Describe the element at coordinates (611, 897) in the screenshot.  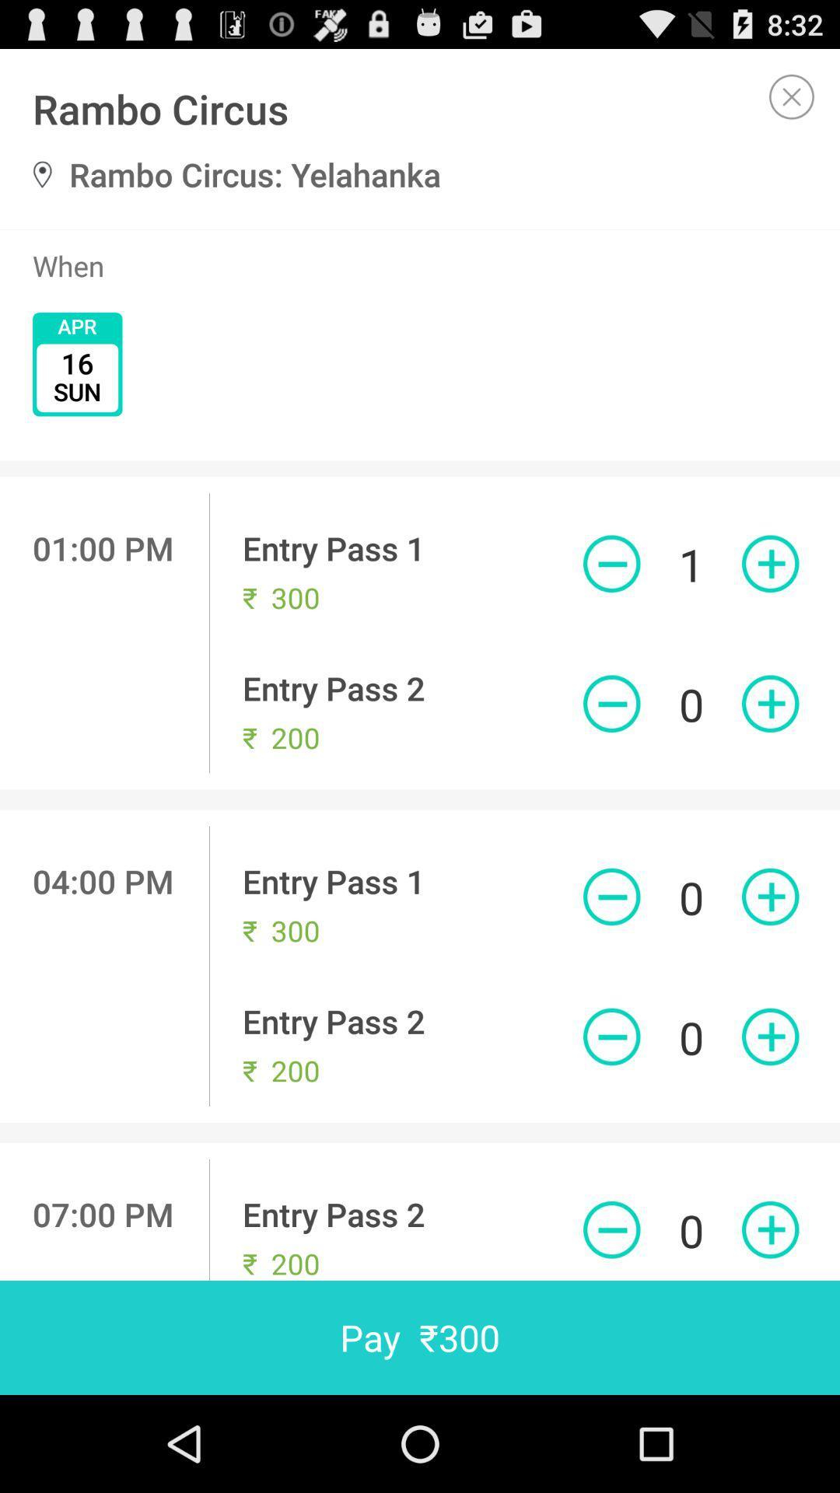
I see `subtract quantity by one` at that location.